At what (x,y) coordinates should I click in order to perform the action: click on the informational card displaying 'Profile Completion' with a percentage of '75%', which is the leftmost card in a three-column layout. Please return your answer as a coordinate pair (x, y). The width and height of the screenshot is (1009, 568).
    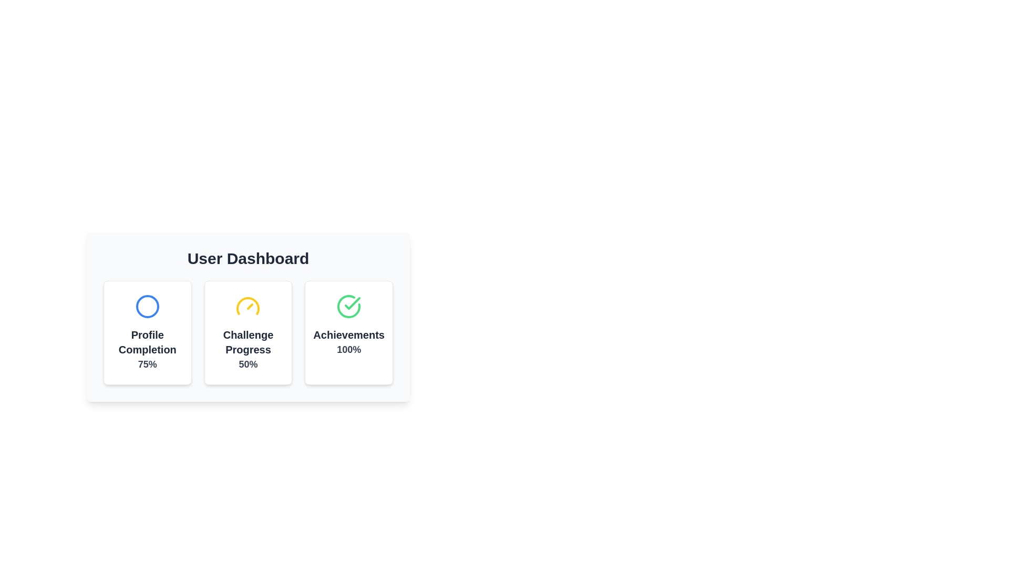
    Looking at the image, I should click on (147, 332).